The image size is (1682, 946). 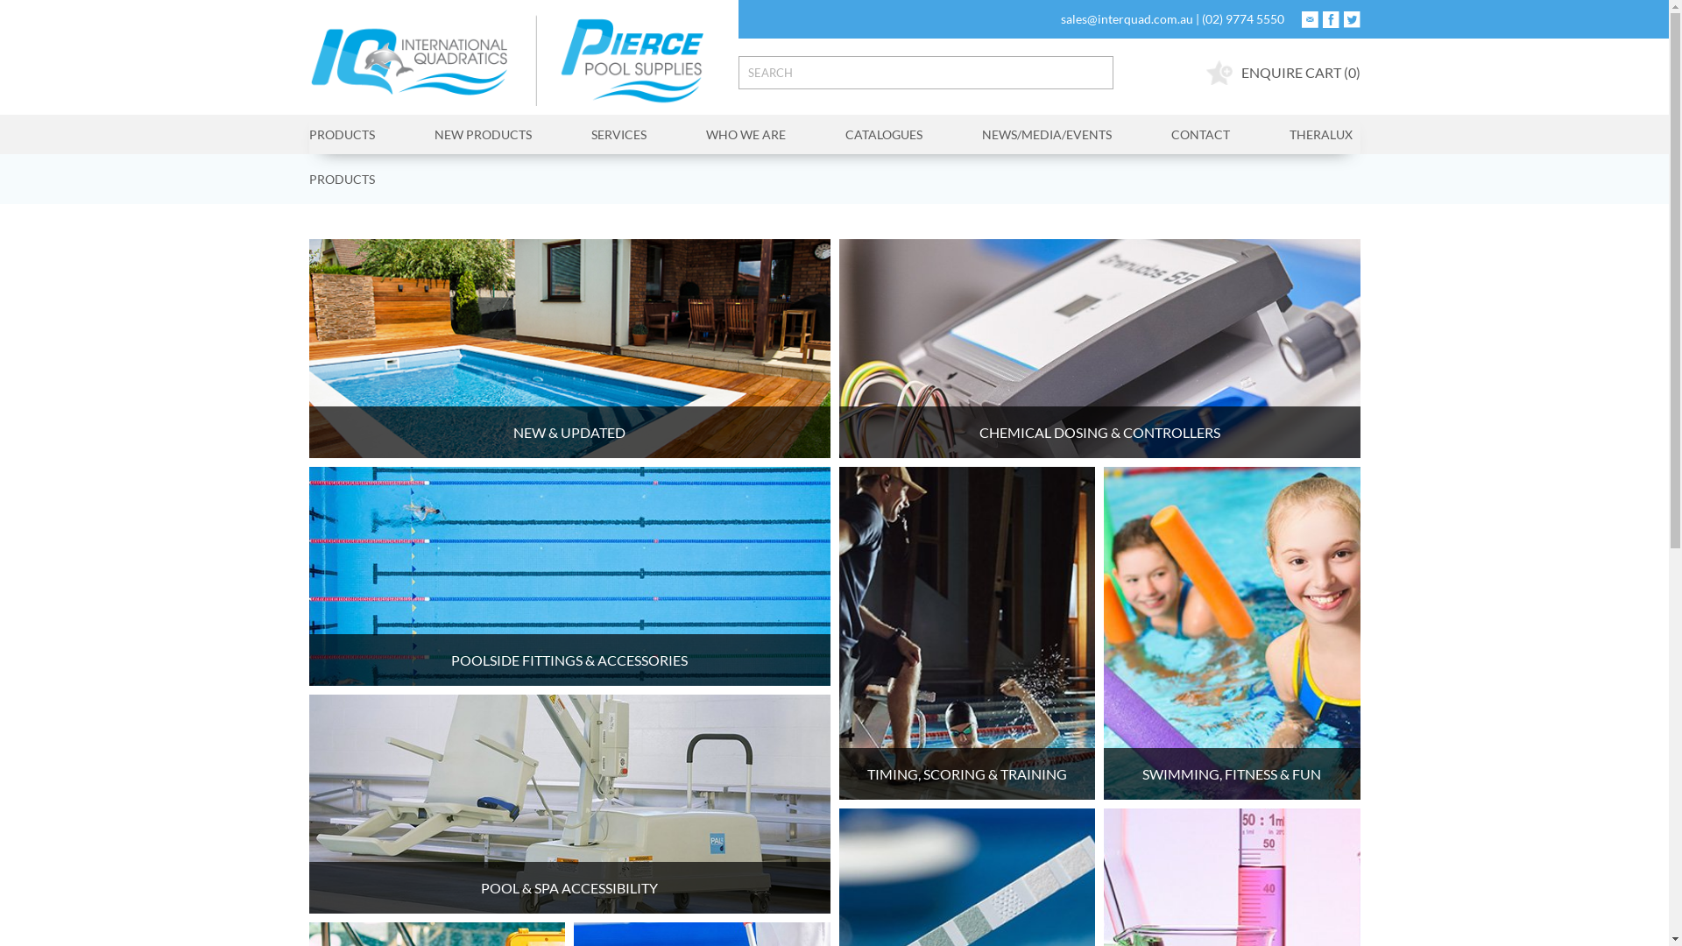 What do you see at coordinates (307, 179) in the screenshot?
I see `'PRODUCTS'` at bounding box center [307, 179].